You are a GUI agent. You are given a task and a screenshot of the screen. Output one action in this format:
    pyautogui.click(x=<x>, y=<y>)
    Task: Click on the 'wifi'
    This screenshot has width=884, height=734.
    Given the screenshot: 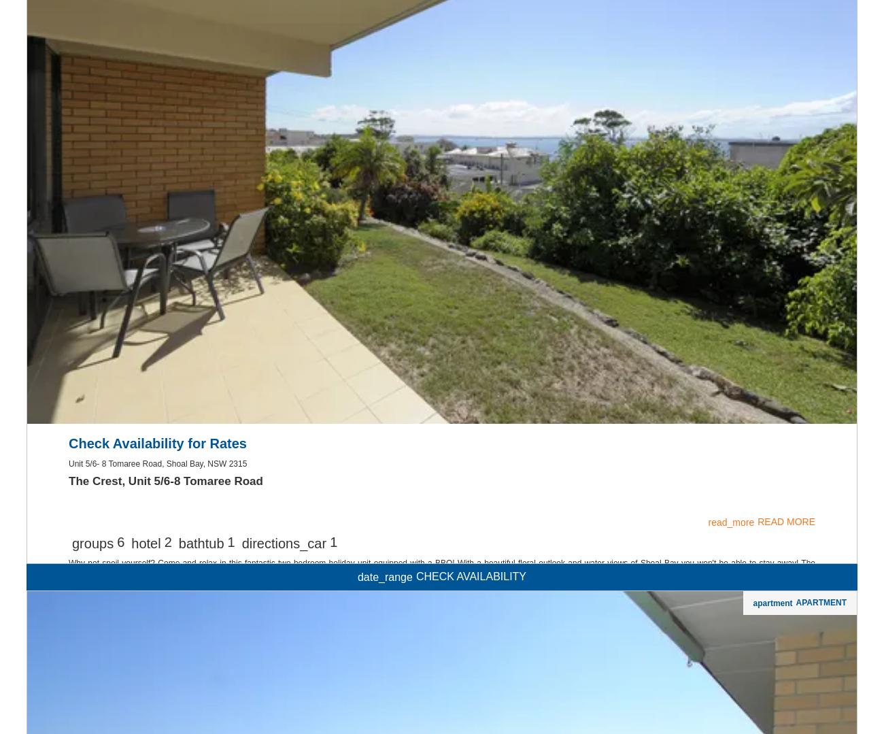 What is the action you would take?
    pyautogui.click(x=441, y=122)
    